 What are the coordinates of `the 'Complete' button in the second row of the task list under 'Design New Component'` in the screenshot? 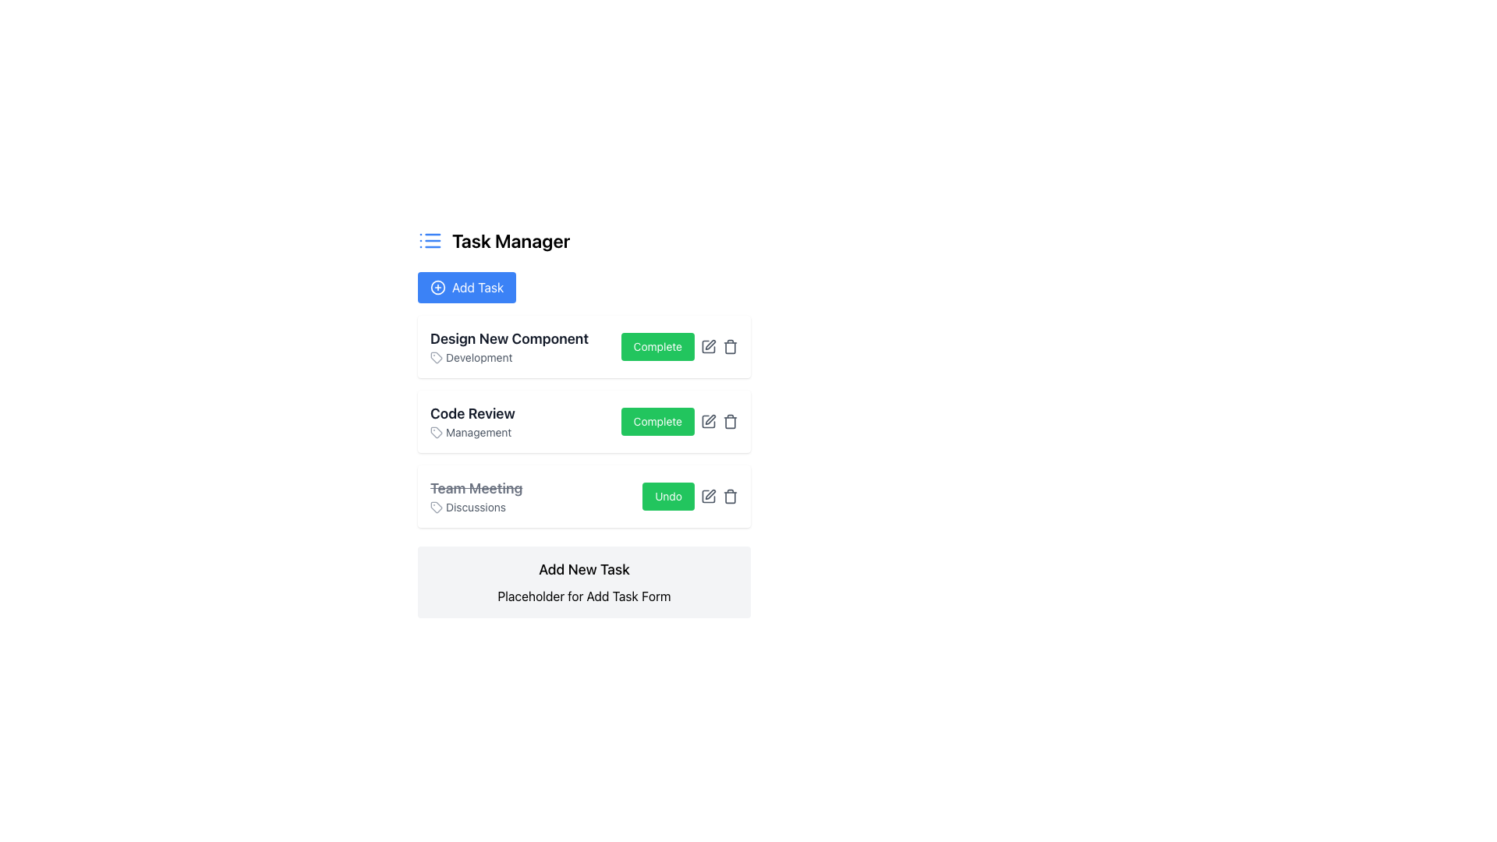 It's located at (657, 345).